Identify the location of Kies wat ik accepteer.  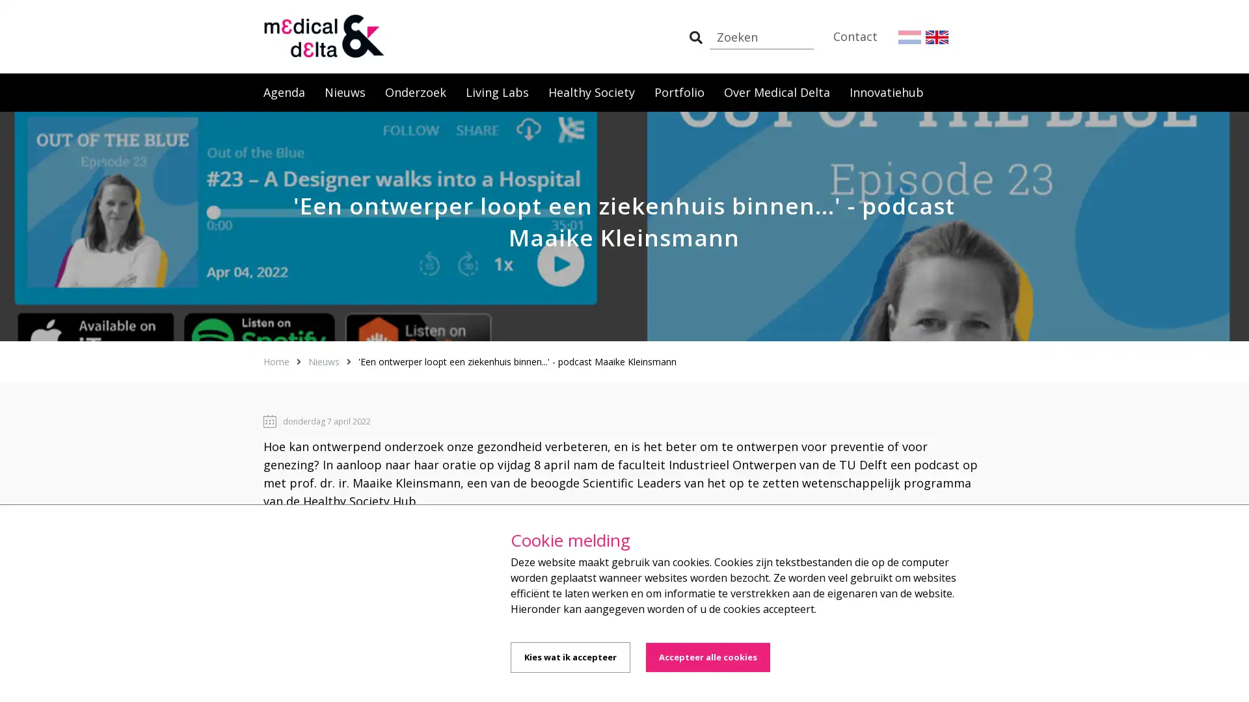
(571, 657).